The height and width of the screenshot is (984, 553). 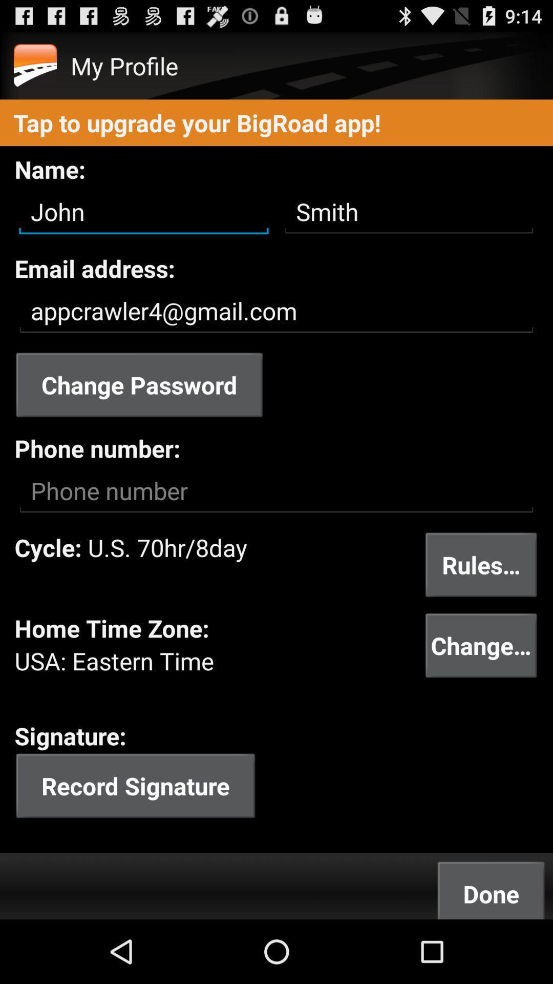 What do you see at coordinates (276, 490) in the screenshot?
I see `phone number` at bounding box center [276, 490].